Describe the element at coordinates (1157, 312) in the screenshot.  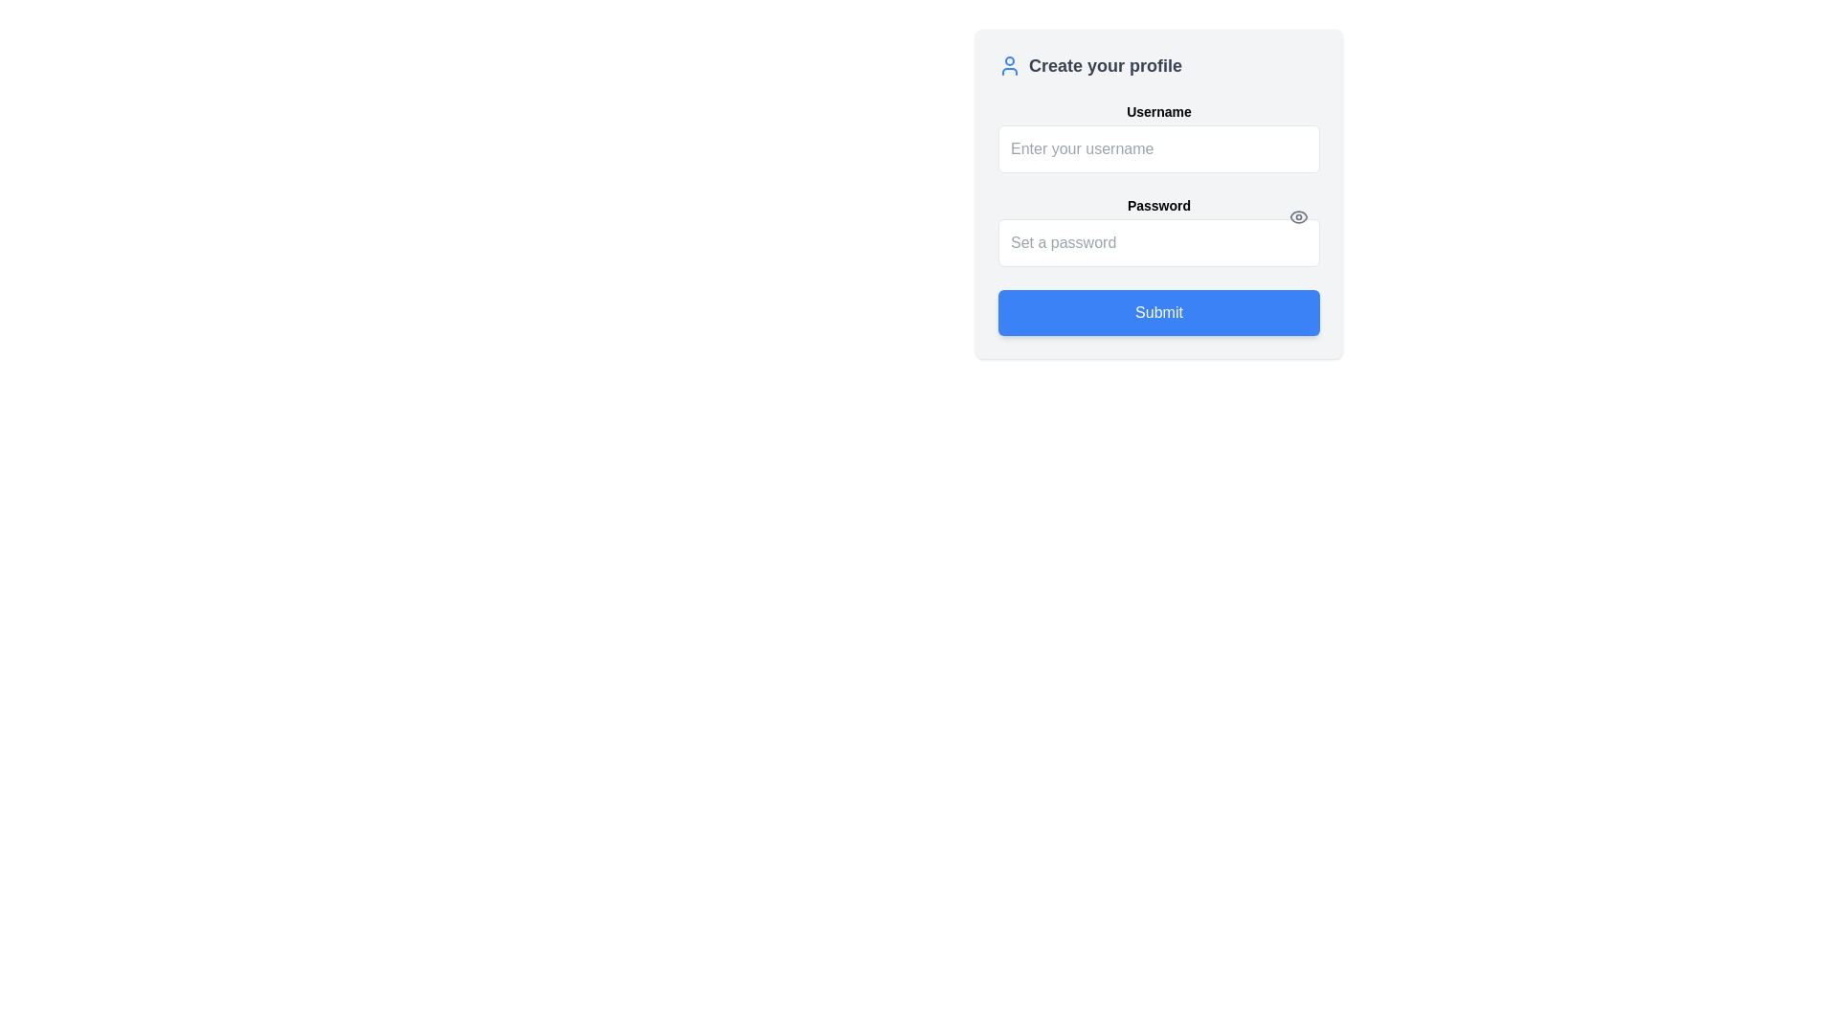
I see `the 'Submit' button located at the bottom of the form` at that location.